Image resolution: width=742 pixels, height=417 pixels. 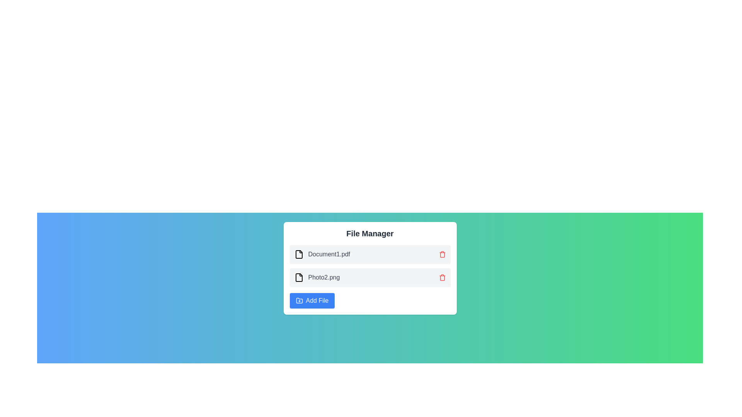 I want to click on the file icon with a black border and white background located to the left of the text 'Photo2.png' in the second row of the file list, so click(x=298, y=277).